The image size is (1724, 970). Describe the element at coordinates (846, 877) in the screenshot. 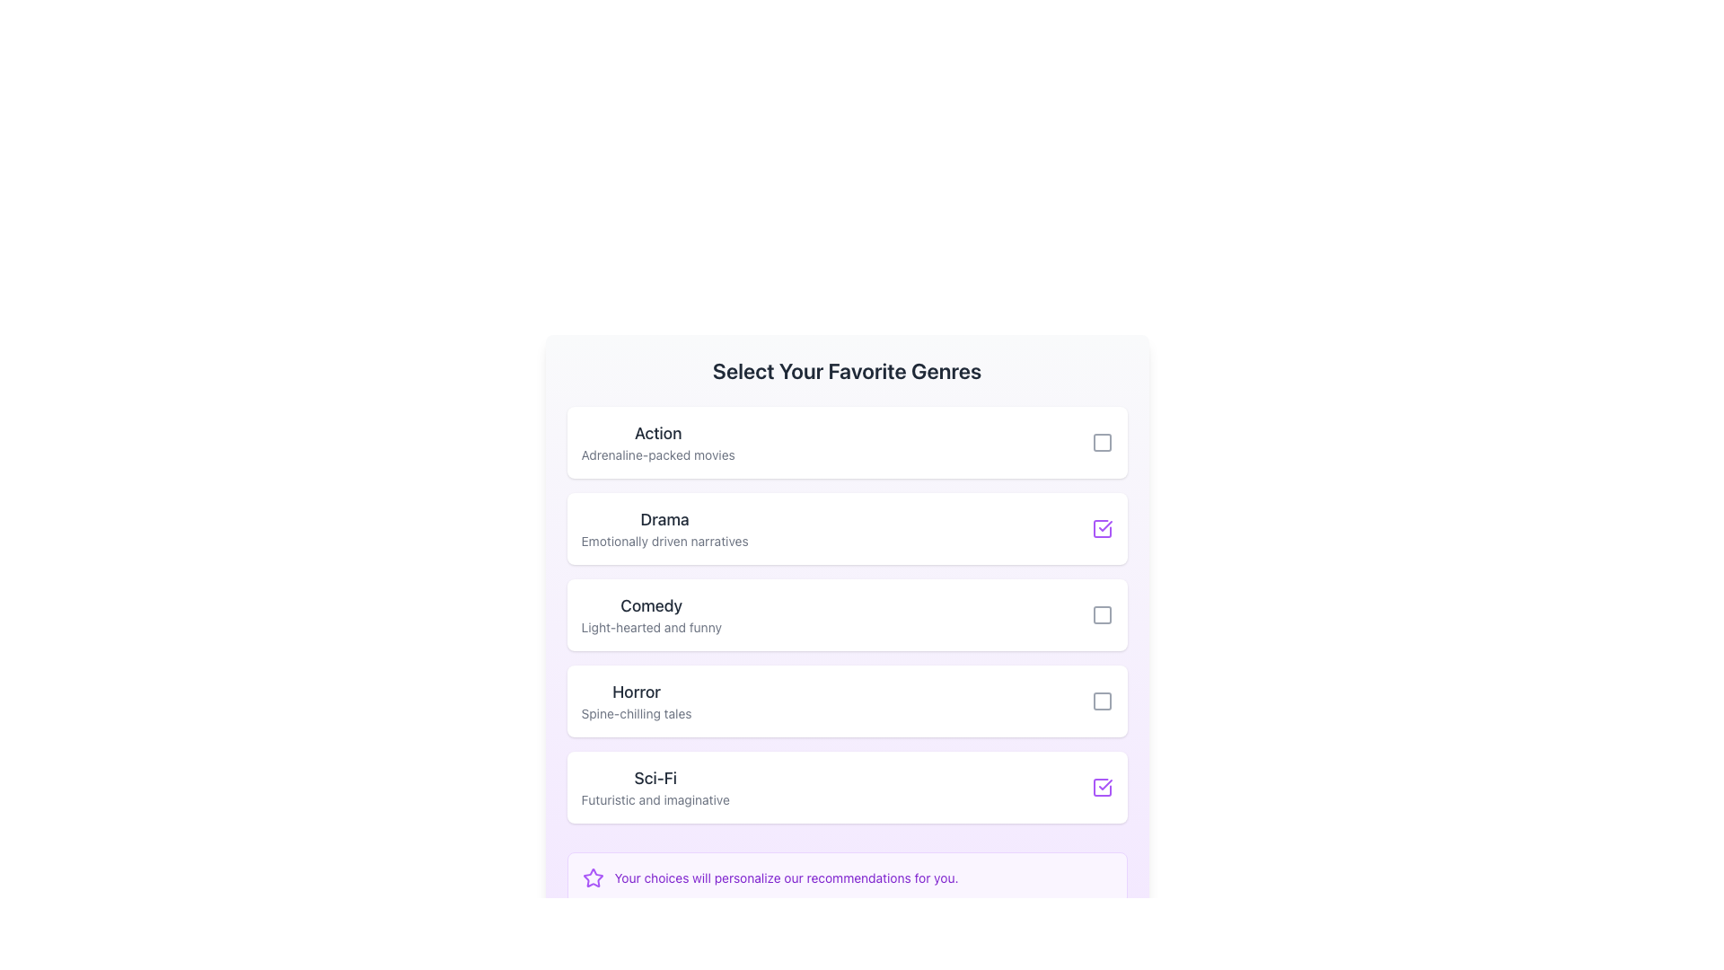

I see `the Informational box with a soft purple background that contains a star icon and the text 'Your choices will personalize our recommendations for you.'` at that location.